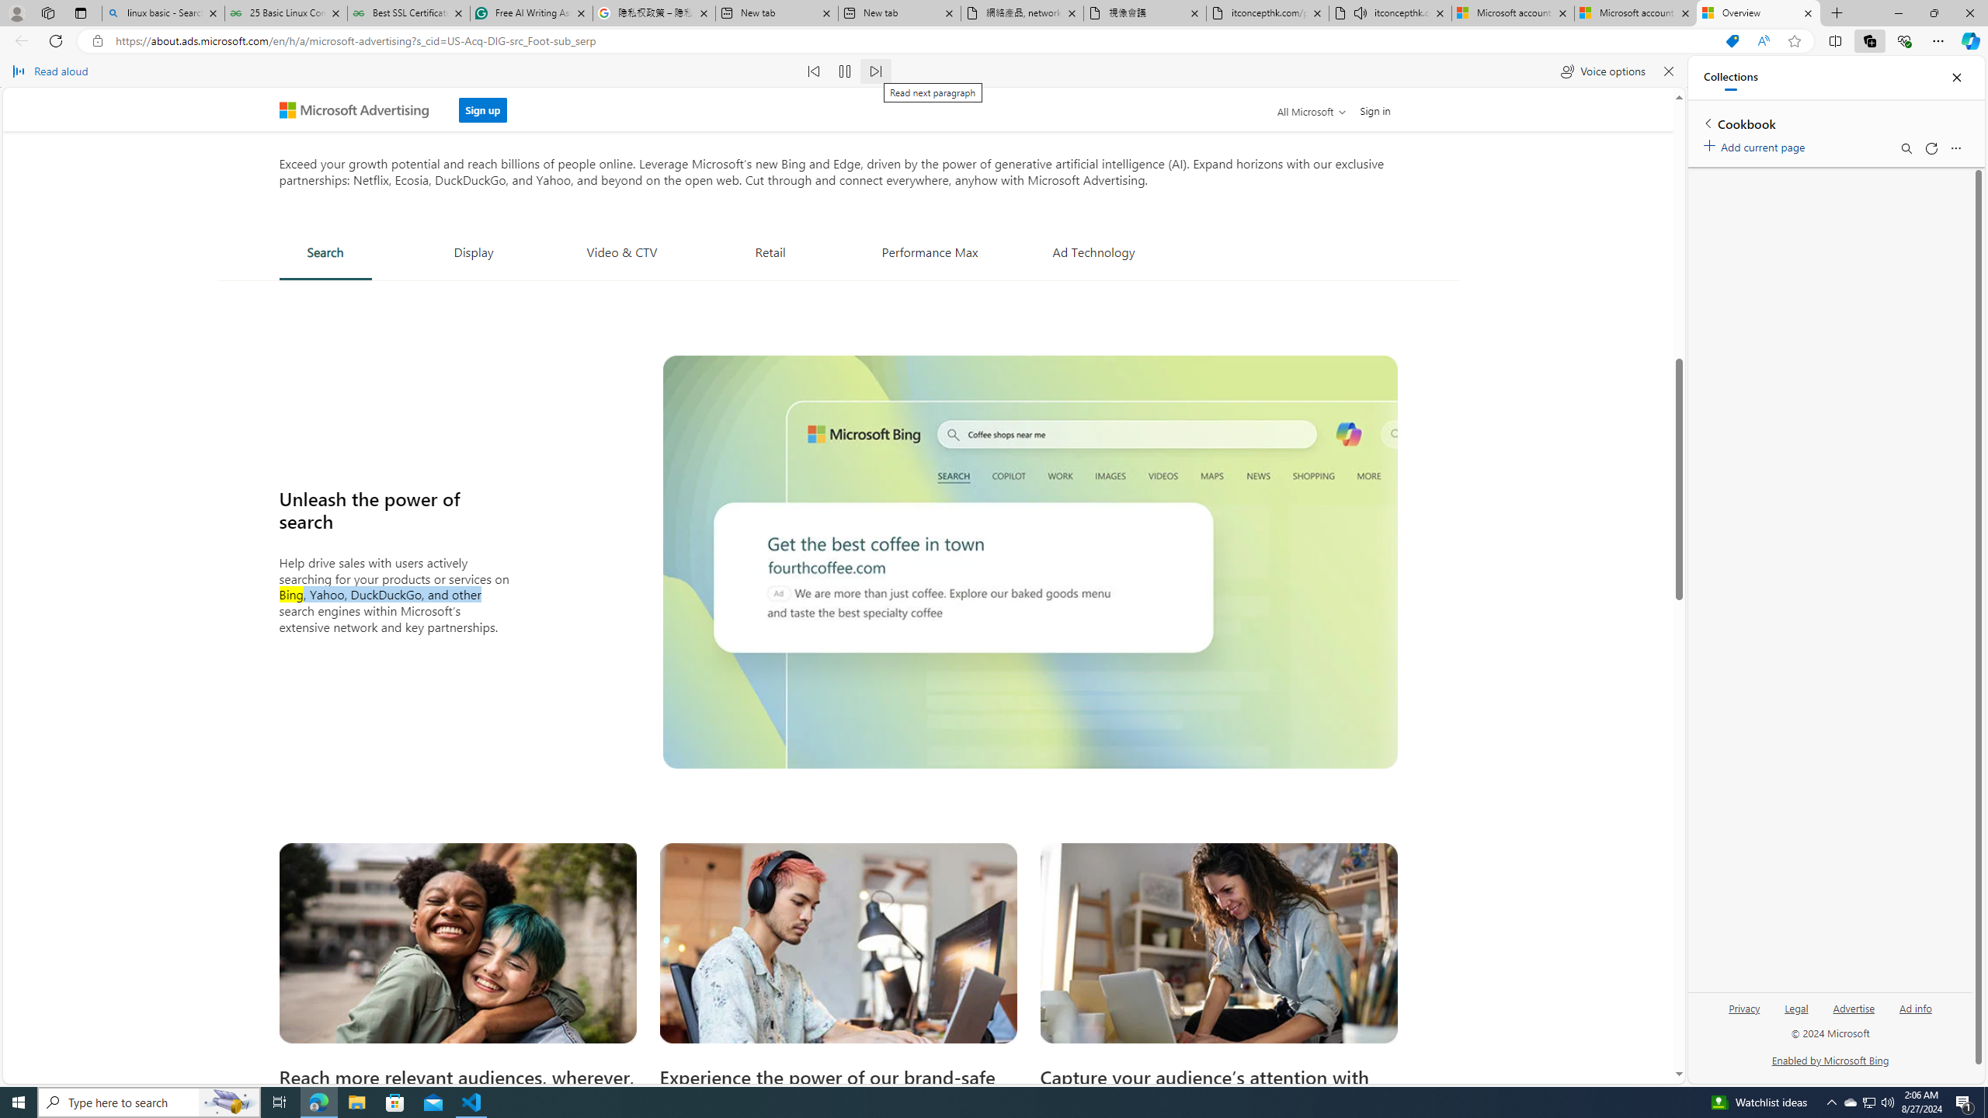  I want to click on 'Sign in', so click(1375, 109).